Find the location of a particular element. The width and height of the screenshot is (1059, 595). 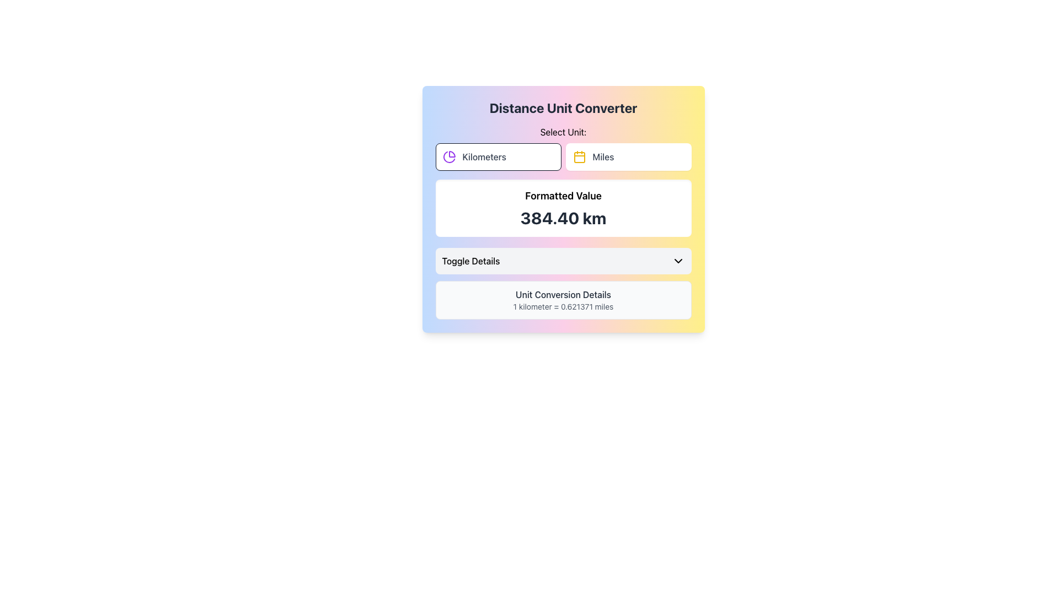

the decorative icon representing the 'Kilometers' option, located to the left of the 'Kilometers' button in the top-left section of the unit converter interface is located at coordinates (452, 154).